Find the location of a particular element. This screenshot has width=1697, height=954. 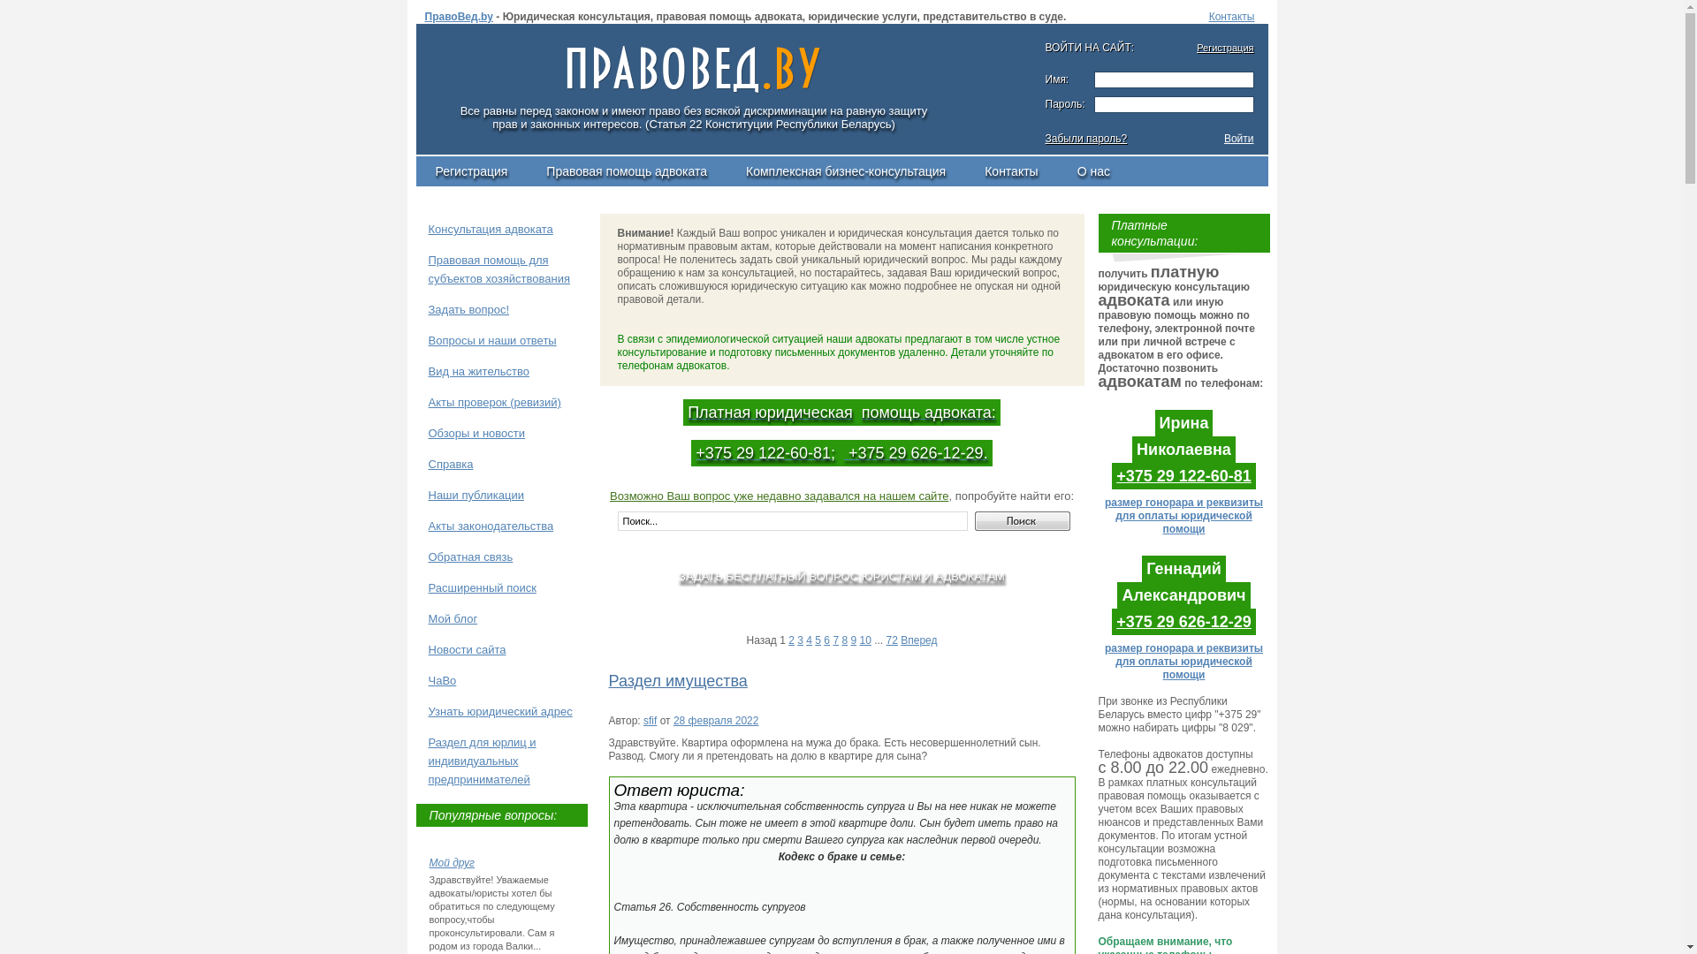

'+375 29 626-12-29' is located at coordinates (1183, 621).